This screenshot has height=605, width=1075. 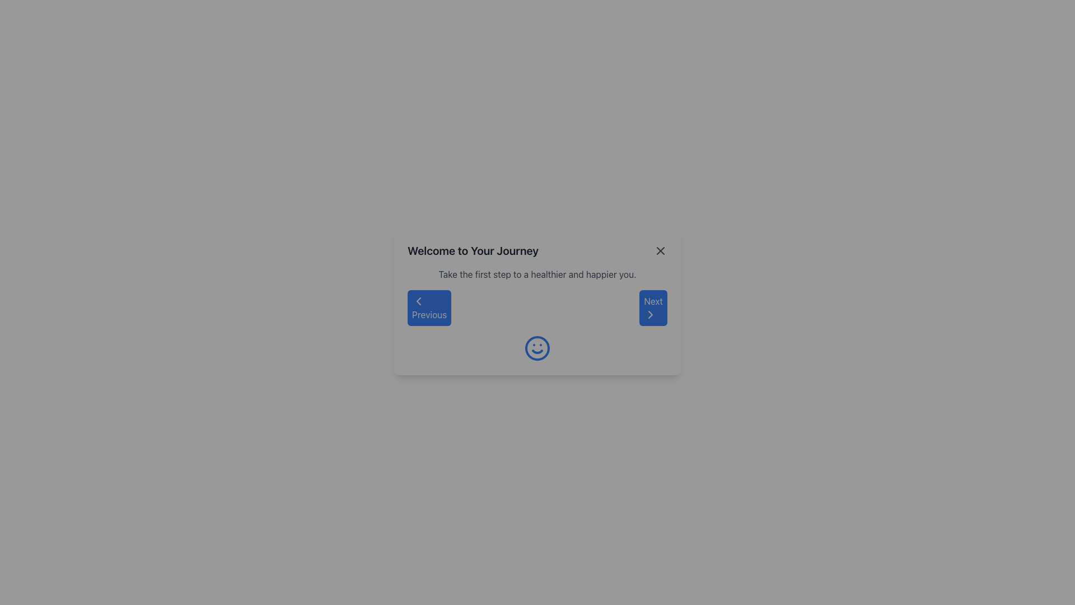 I want to click on the close icon button located at the top right corner of the dialog box titled 'Welcome to Your Journey', so click(x=661, y=250).